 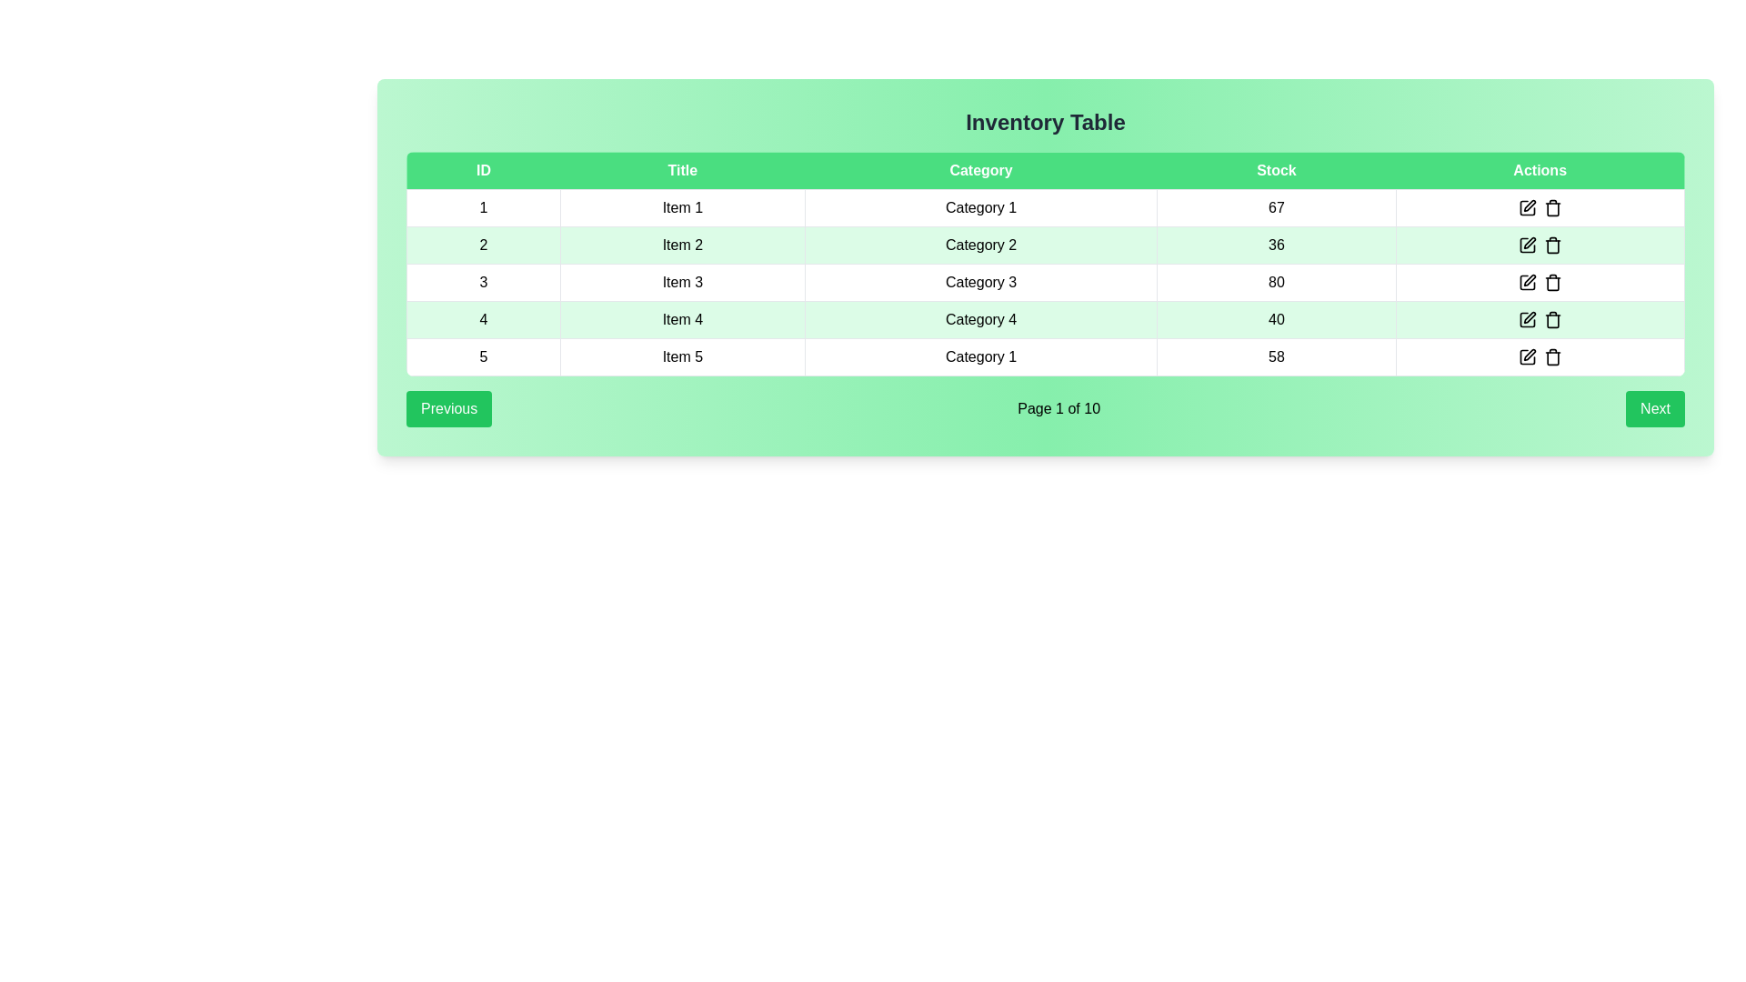 I want to click on the Text Display Cell that contains the number '40', styled with a bordered layout and centered alignment, located in the fourth row under the 'Stock' column, so click(x=1275, y=318).